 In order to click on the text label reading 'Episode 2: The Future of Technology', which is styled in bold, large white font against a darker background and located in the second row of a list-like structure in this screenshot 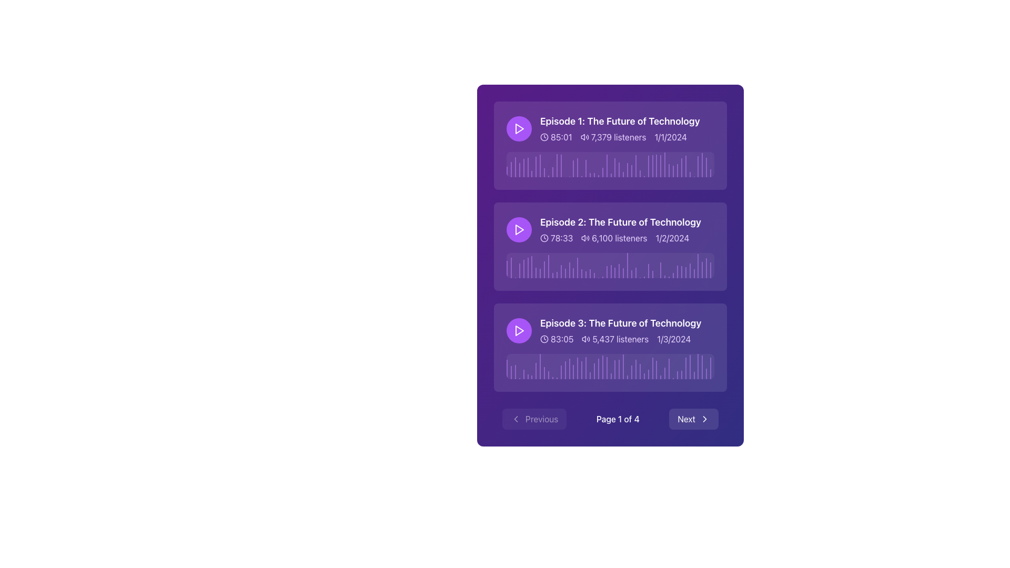, I will do `click(621, 222)`.